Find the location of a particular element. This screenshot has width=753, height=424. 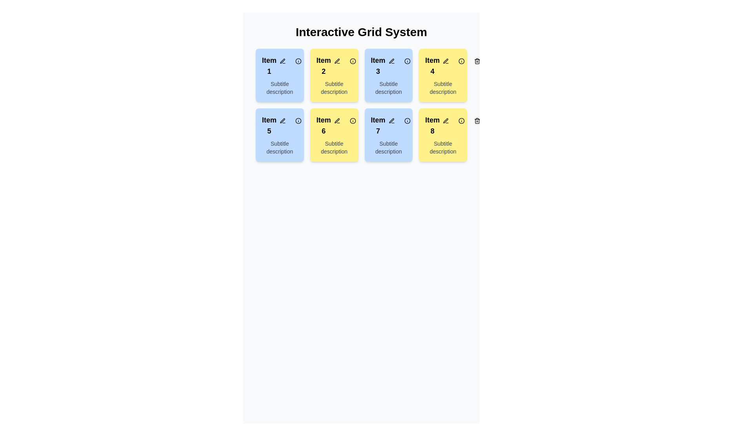

the edit button for 'Item 1', which is the first action button located in the top-left card of the grid is located at coordinates (282, 60).